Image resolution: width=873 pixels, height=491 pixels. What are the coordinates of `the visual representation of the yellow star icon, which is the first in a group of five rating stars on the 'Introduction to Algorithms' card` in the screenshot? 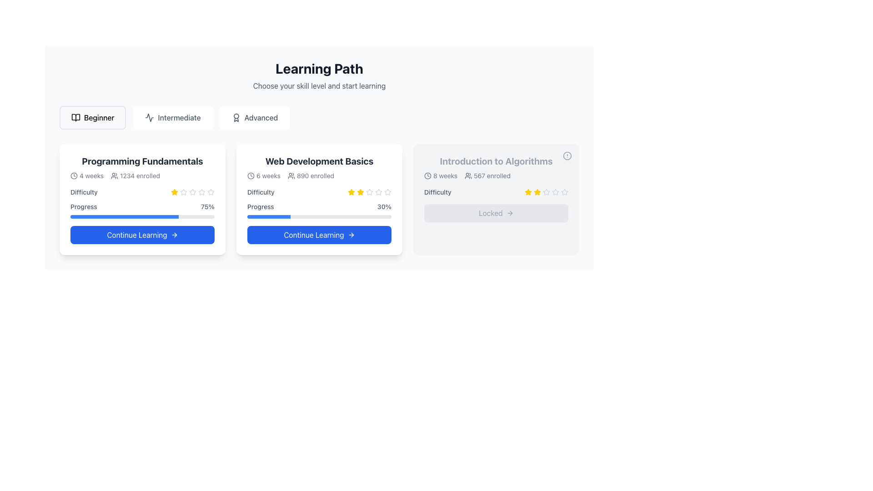 It's located at (528, 192).